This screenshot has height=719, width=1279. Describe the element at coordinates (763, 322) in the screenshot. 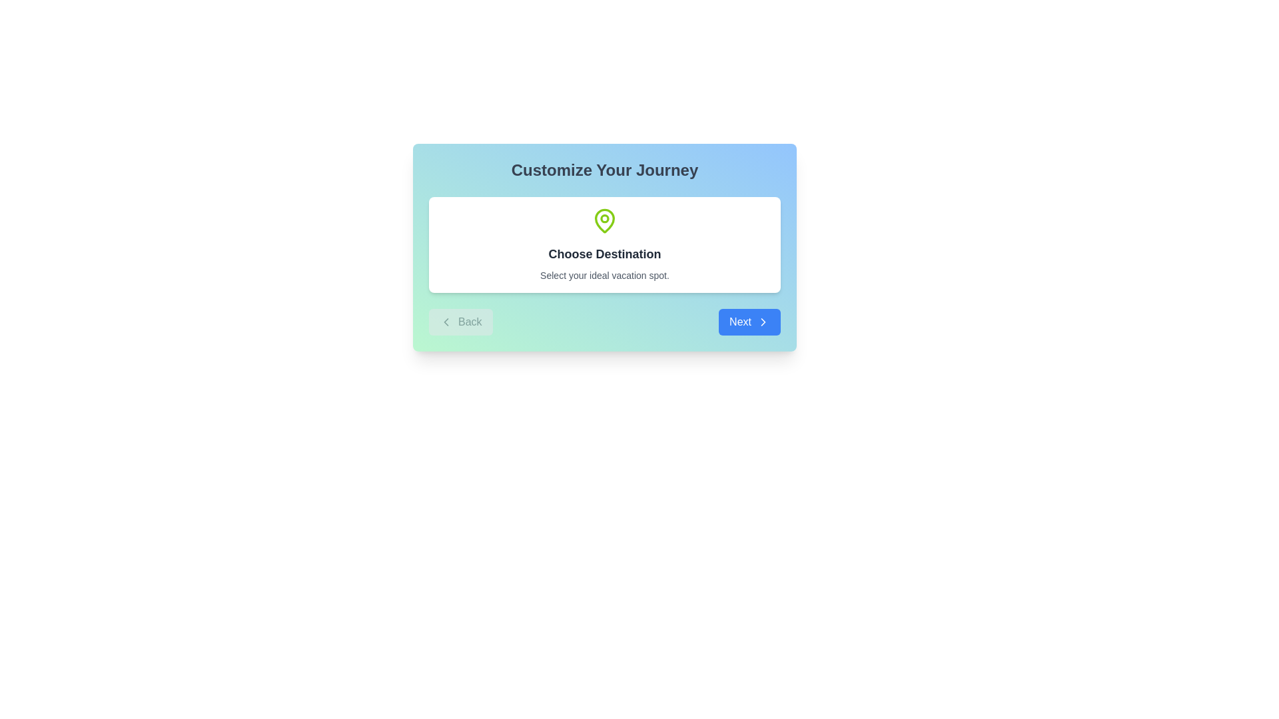

I see `the small right-pointing chevron icon within the 'Next' button located at the bottom-right corner of the interface` at that location.